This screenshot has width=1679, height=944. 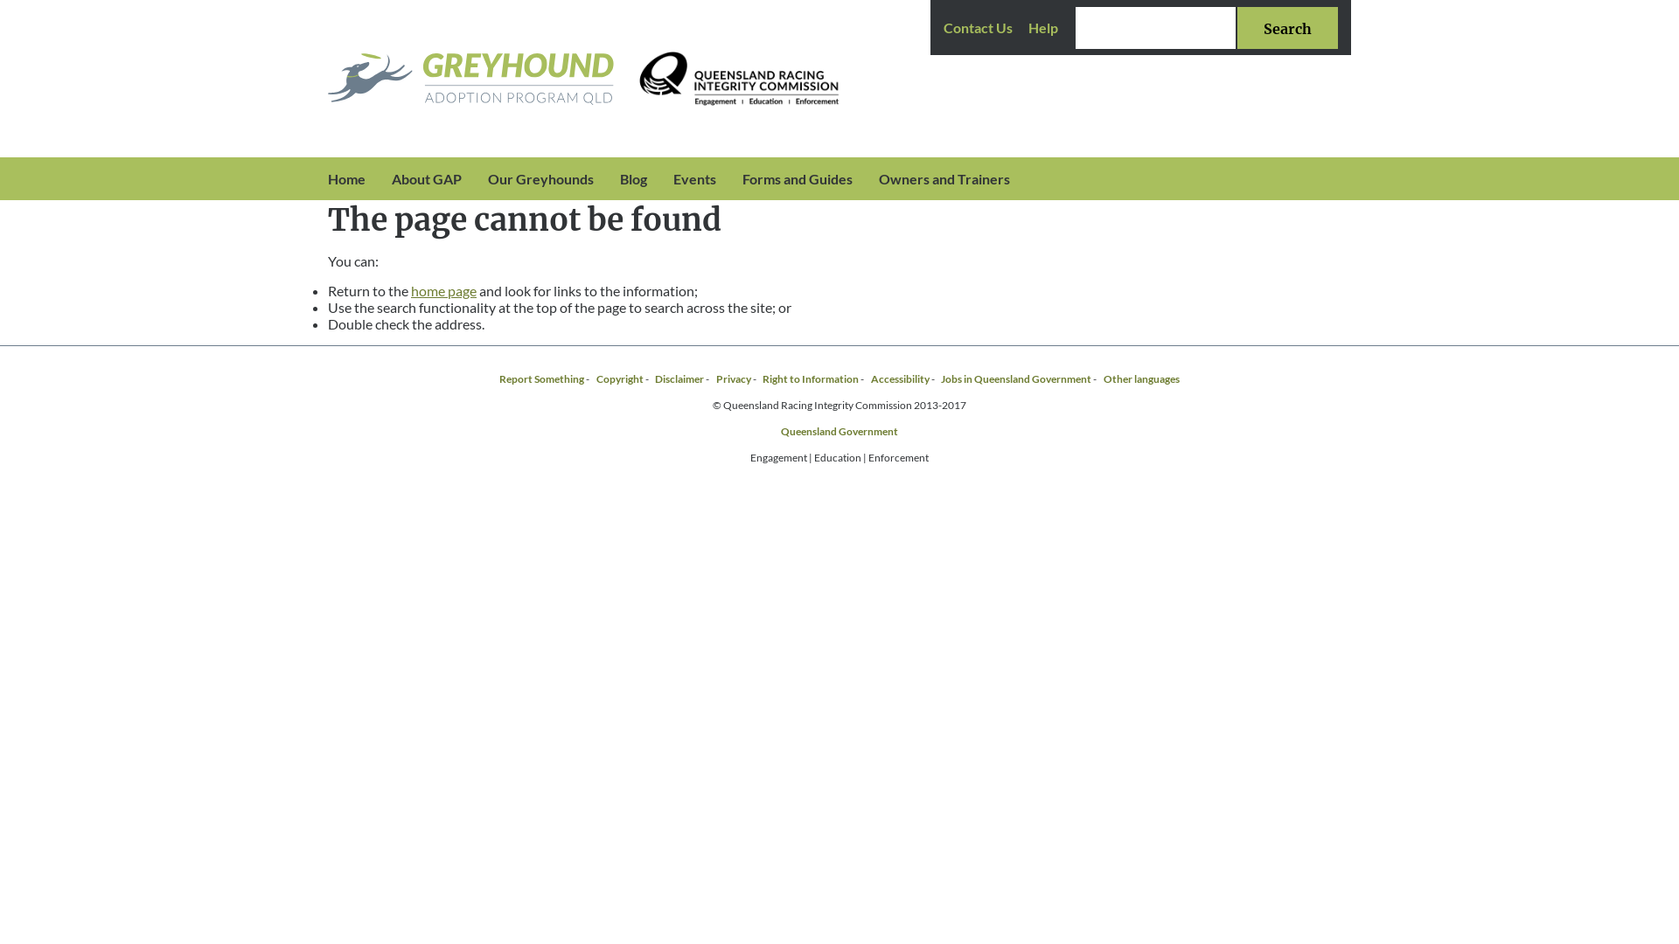 What do you see at coordinates (377, 178) in the screenshot?
I see `'About GAP'` at bounding box center [377, 178].